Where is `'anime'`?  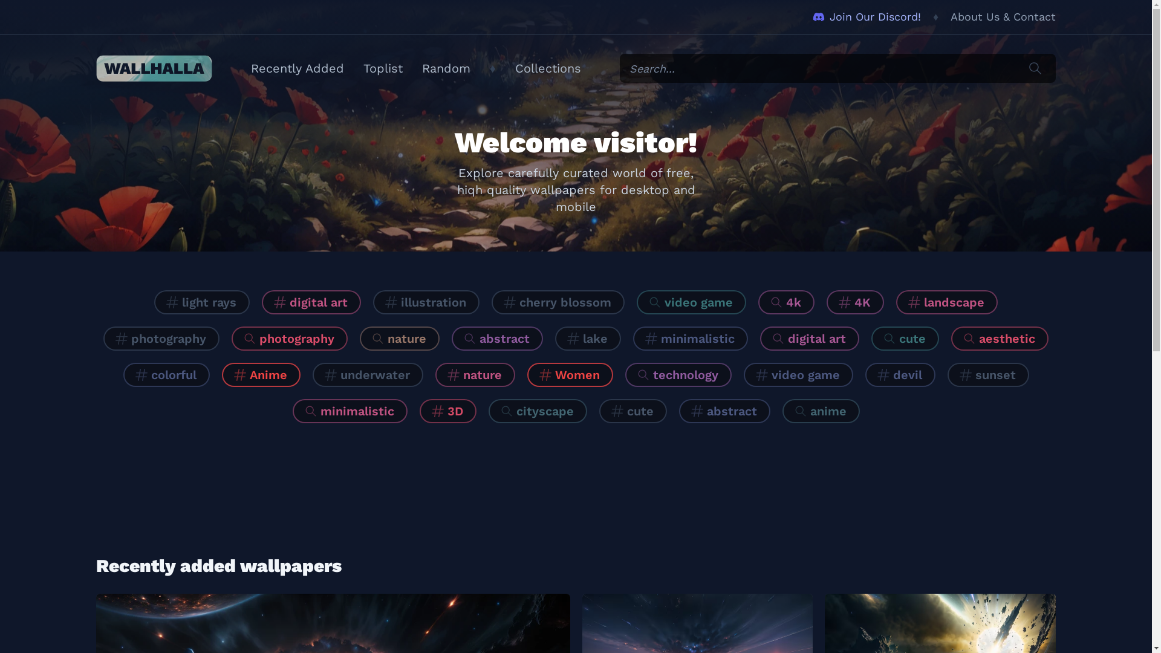
'anime' is located at coordinates (821, 410).